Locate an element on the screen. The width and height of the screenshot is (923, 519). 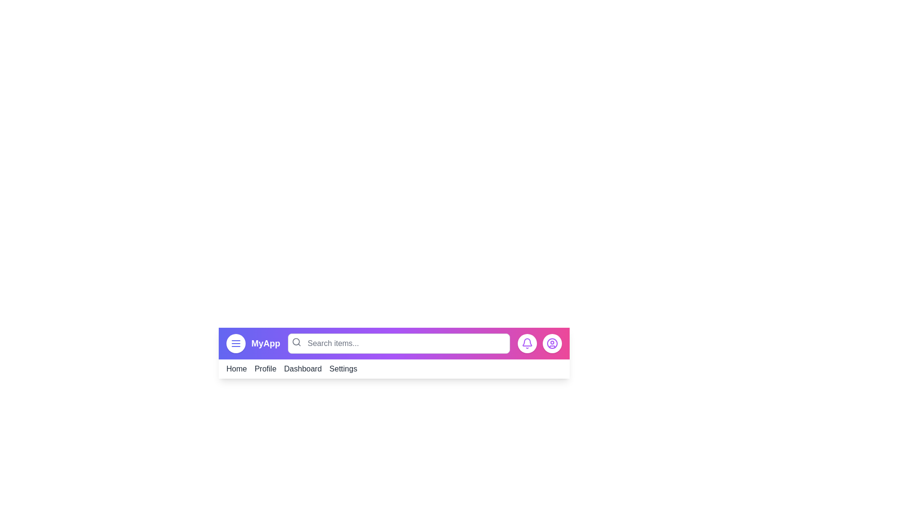
the Profile link in the navigation menu is located at coordinates (265, 368).